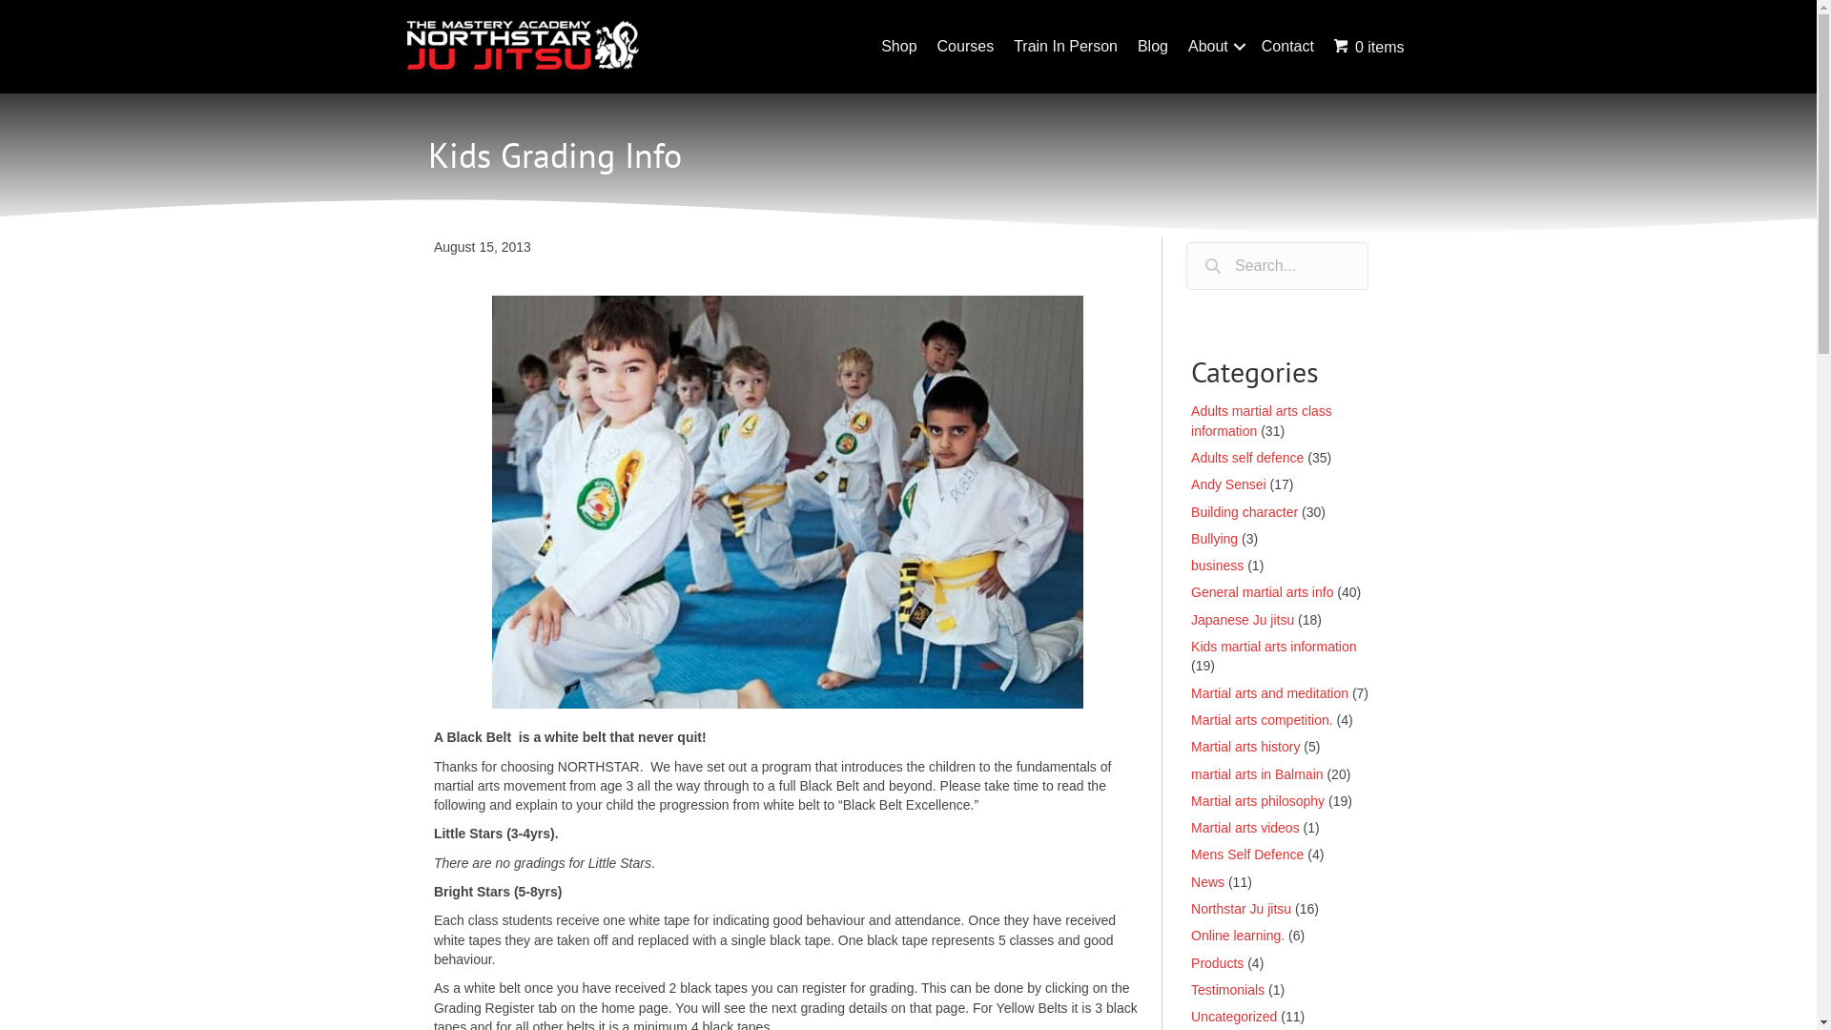 The width and height of the screenshot is (1831, 1030). I want to click on 'Mens Self Defence', so click(1247, 853).